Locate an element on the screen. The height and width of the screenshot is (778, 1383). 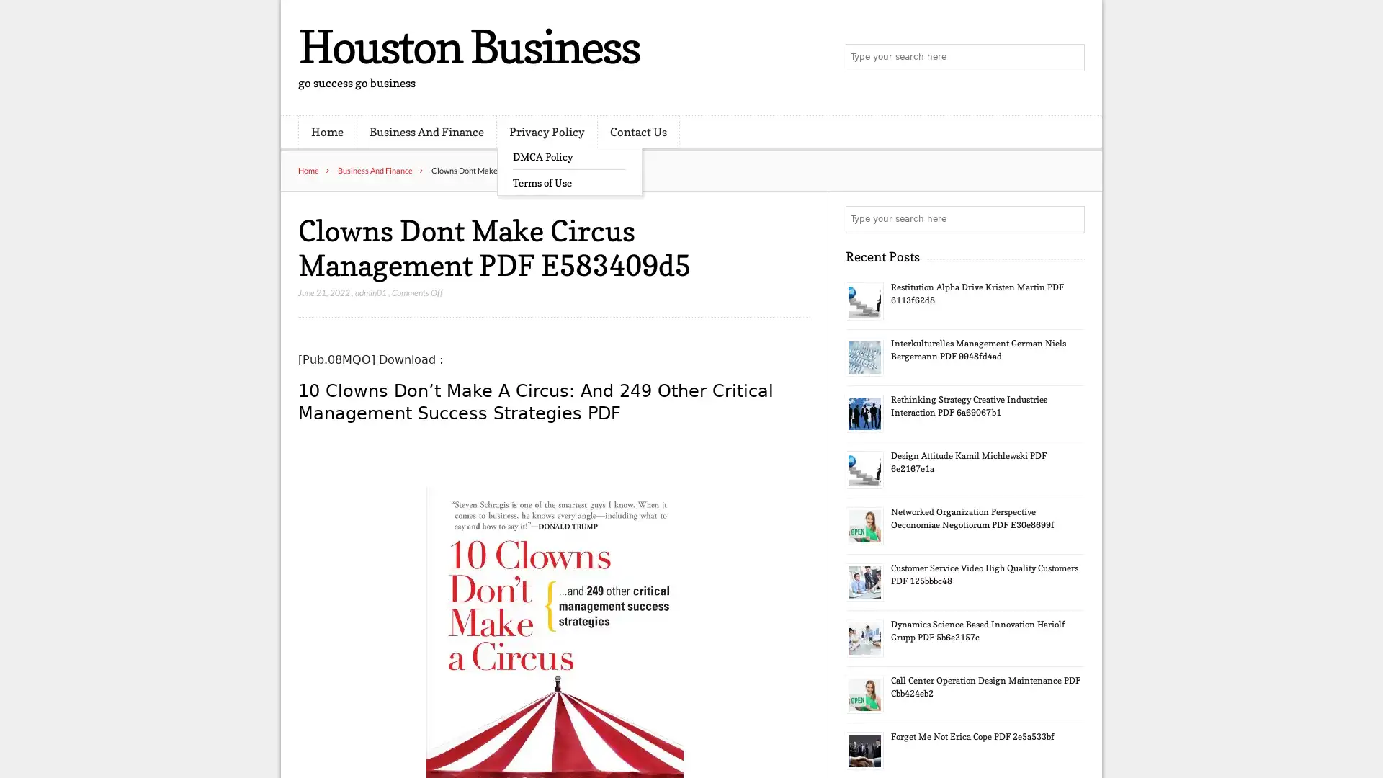
Search is located at coordinates (1070, 58).